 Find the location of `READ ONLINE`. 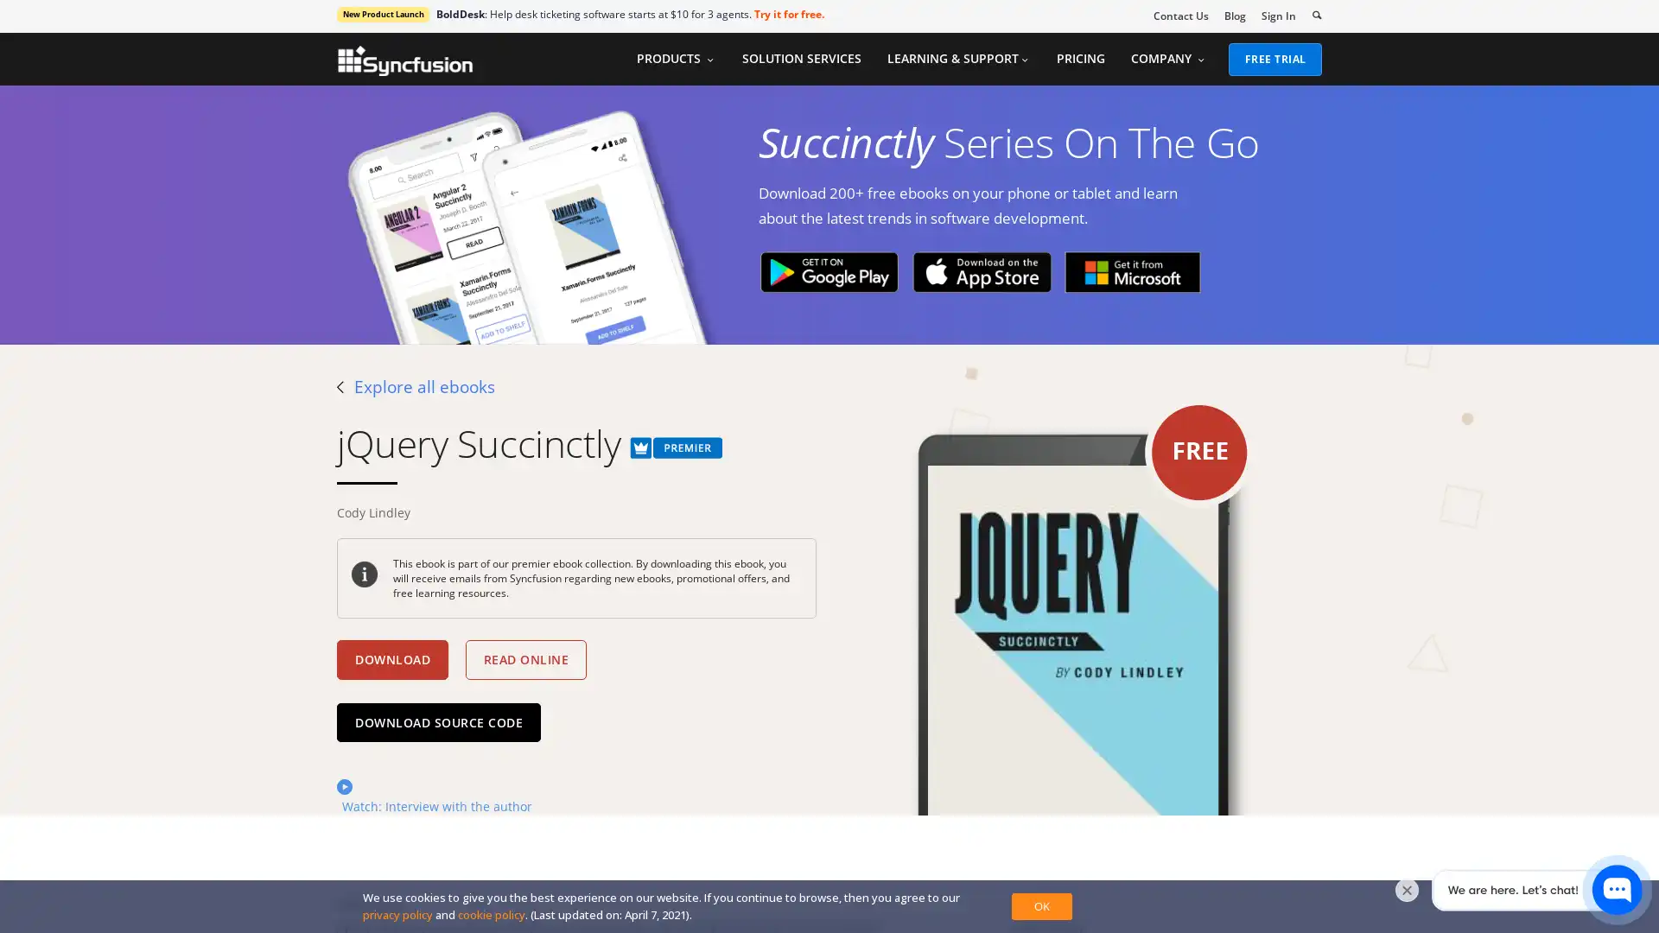

READ ONLINE is located at coordinates (524, 659).